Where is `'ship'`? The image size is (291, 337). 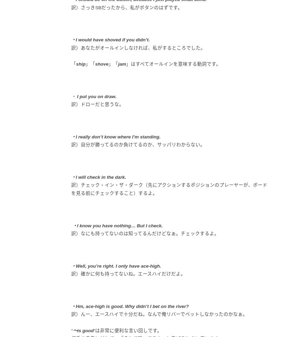 'ship' is located at coordinates (80, 64).